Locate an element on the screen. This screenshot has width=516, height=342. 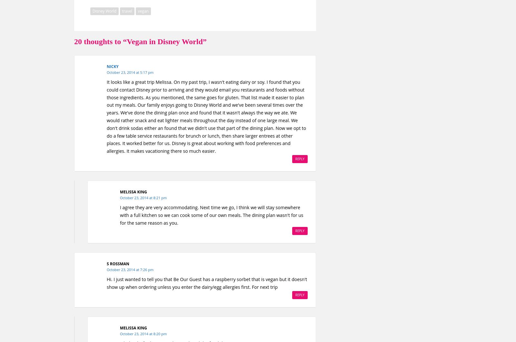
'October 23, 2014 at 8:21 pm' is located at coordinates (143, 197).